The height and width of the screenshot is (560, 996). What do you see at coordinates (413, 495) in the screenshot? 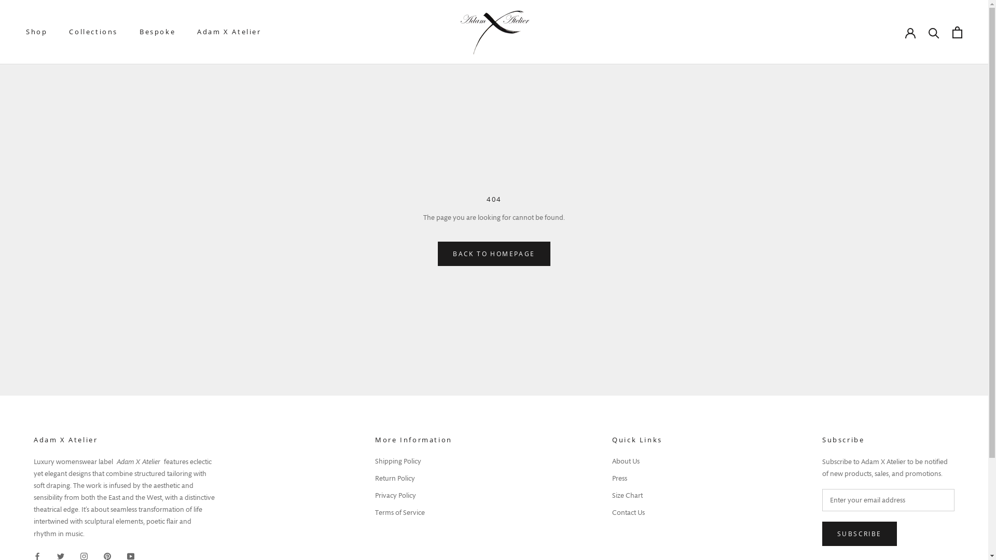
I see `'Privacy Policy'` at bounding box center [413, 495].